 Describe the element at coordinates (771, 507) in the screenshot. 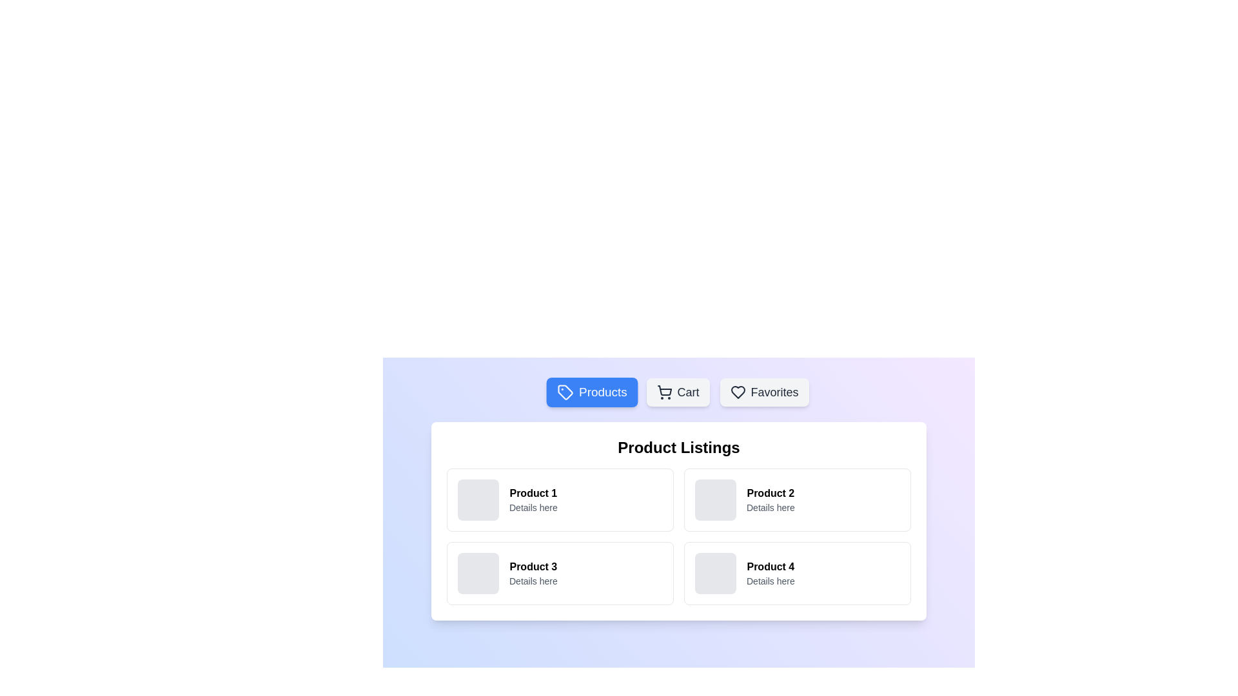

I see `the text element that provides additional descriptive information for 'Product 2', located below the 'Product 2' text within the card layout in the top-right quadrant of the product listing grid` at that location.